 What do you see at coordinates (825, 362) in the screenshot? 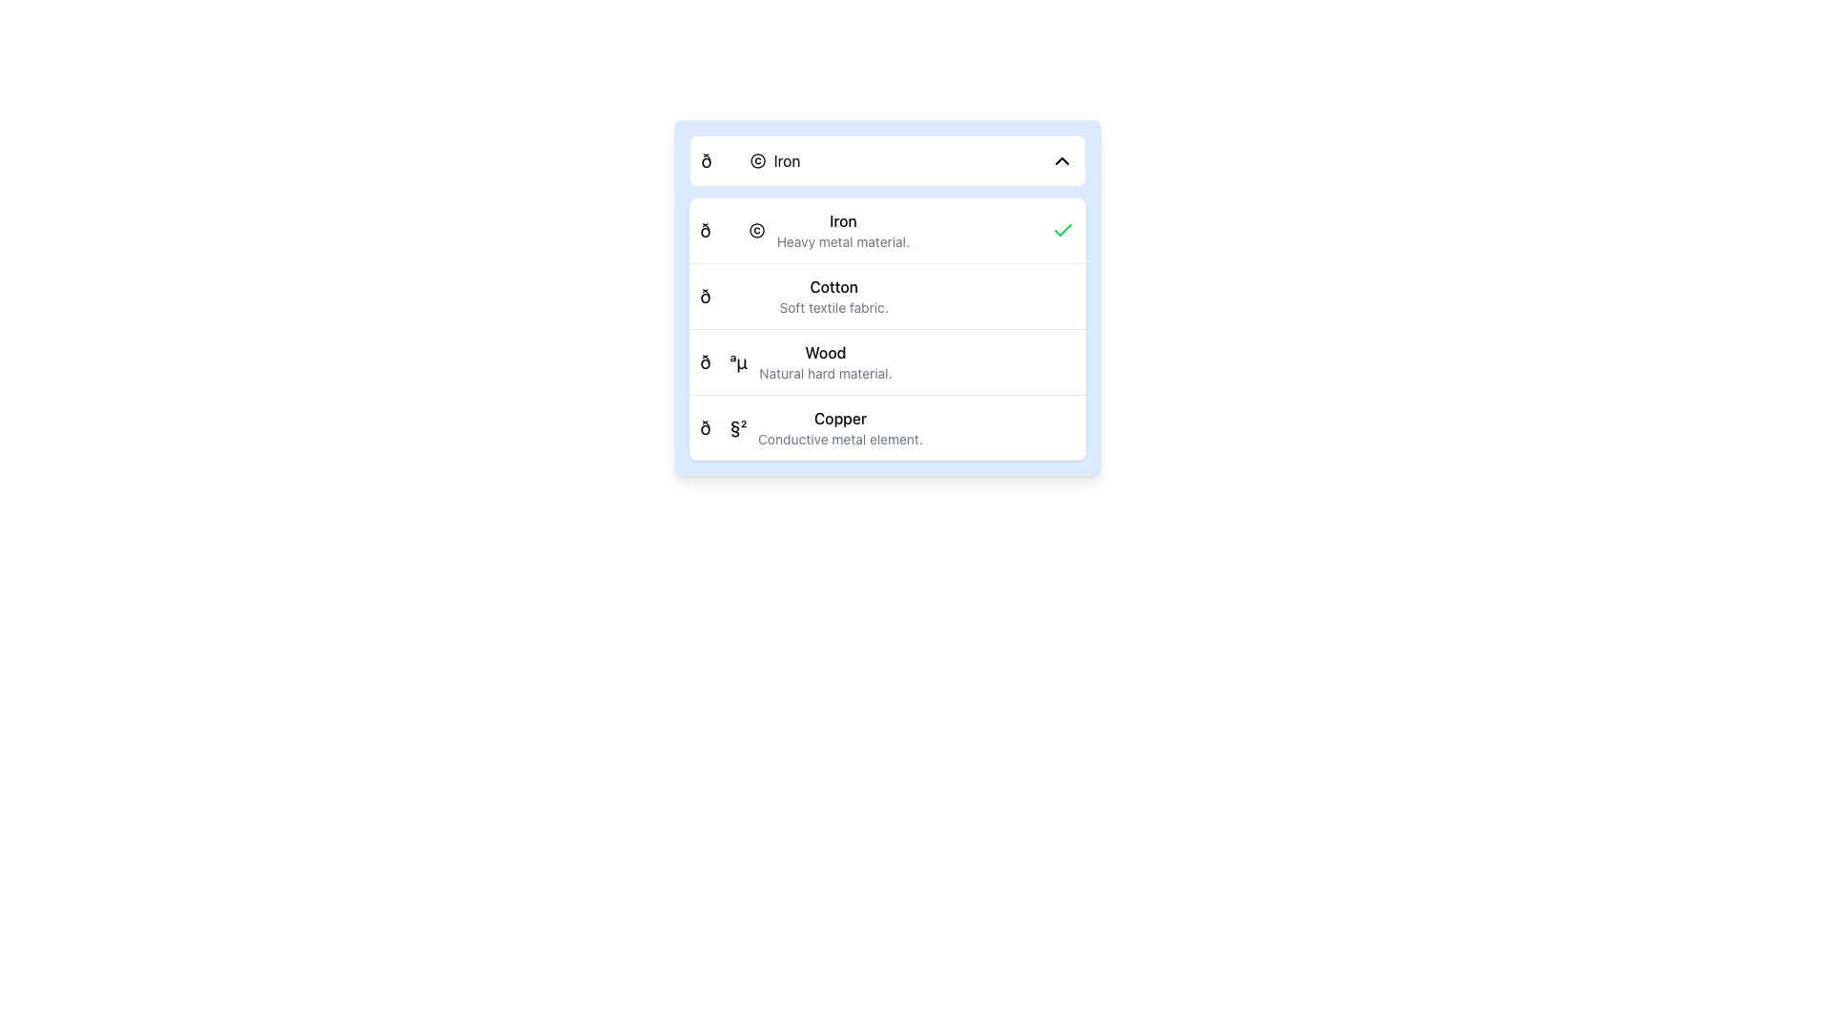
I see `the list item titled 'Wood' which is the third option in the dropdown menu` at bounding box center [825, 362].